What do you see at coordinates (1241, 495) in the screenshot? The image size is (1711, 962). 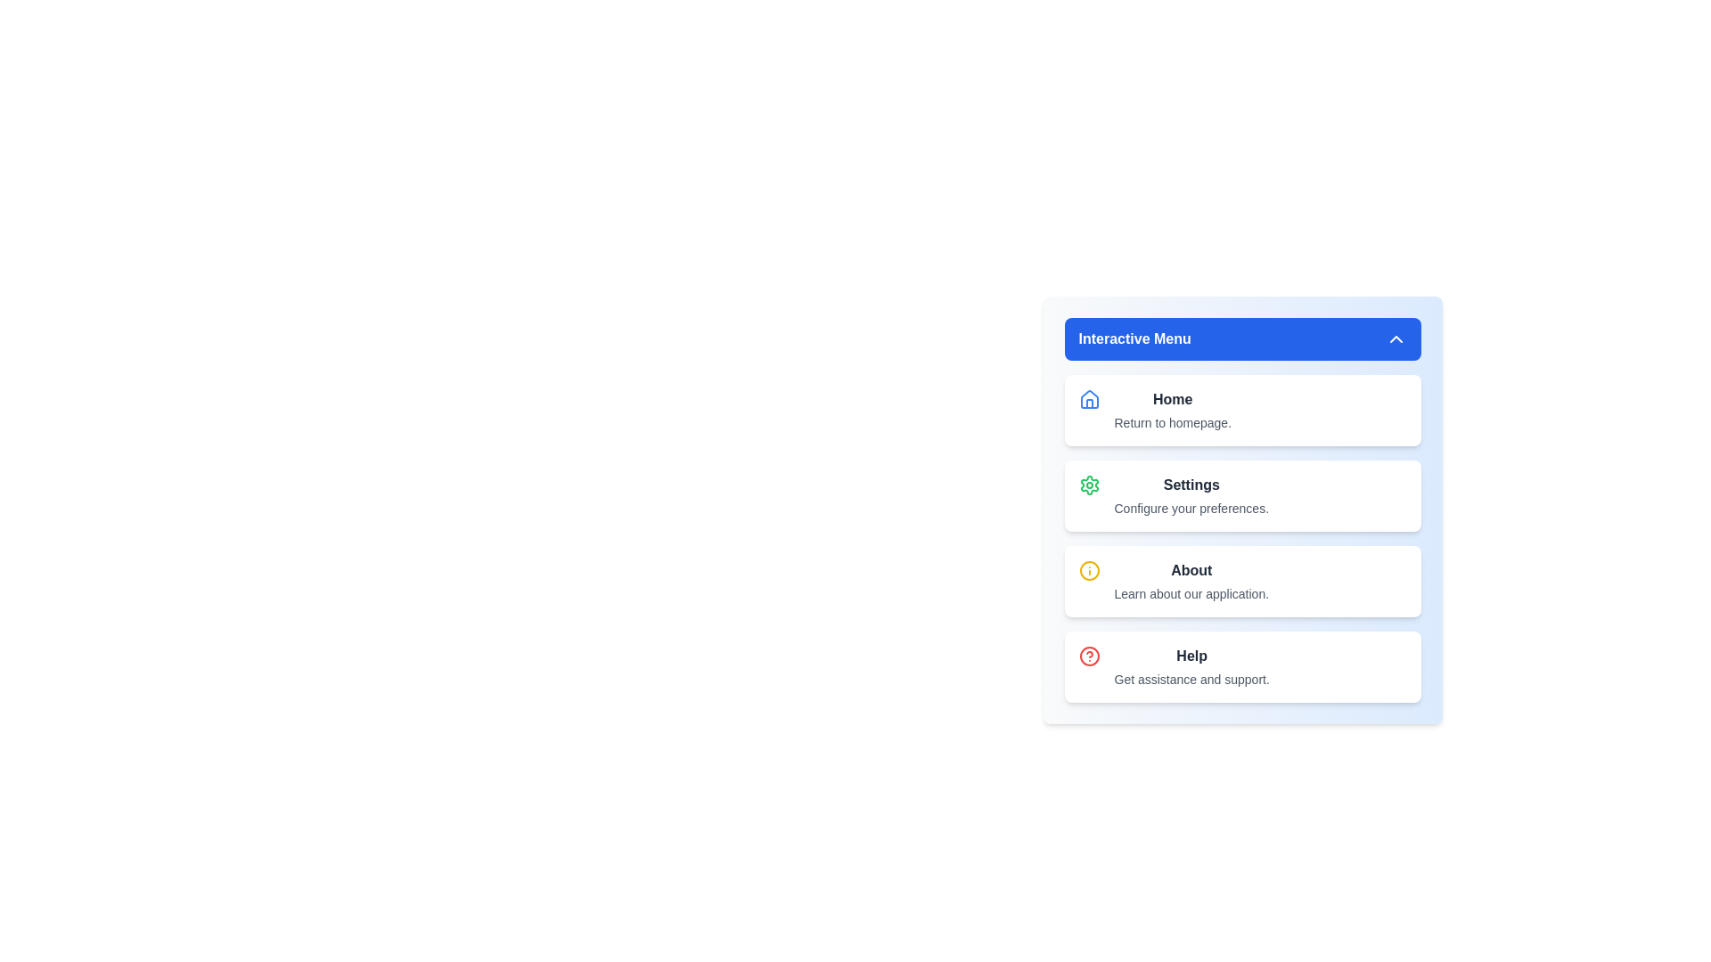 I see `the 'Settings' card, which is a clickable rectangular card with a white background, featuring a green gear icon on the left and the heading 'Settings' in bold at the center` at bounding box center [1241, 495].